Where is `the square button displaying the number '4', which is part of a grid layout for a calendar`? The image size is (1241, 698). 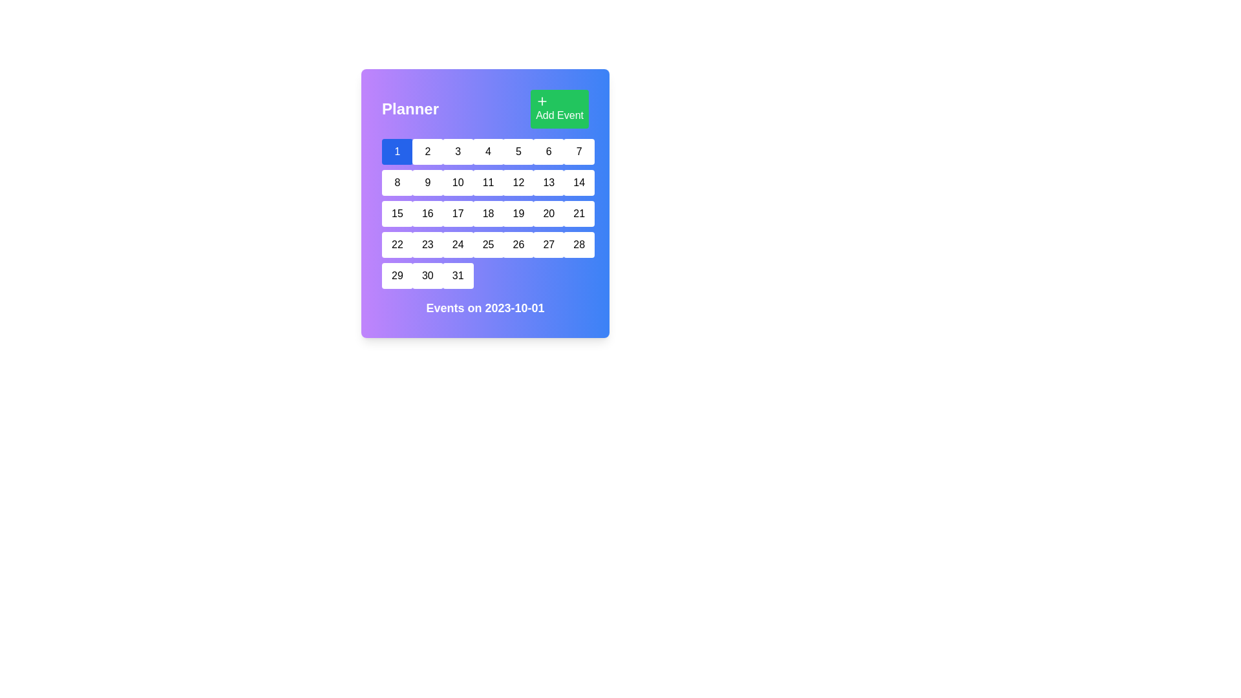 the square button displaying the number '4', which is part of a grid layout for a calendar is located at coordinates (487, 151).